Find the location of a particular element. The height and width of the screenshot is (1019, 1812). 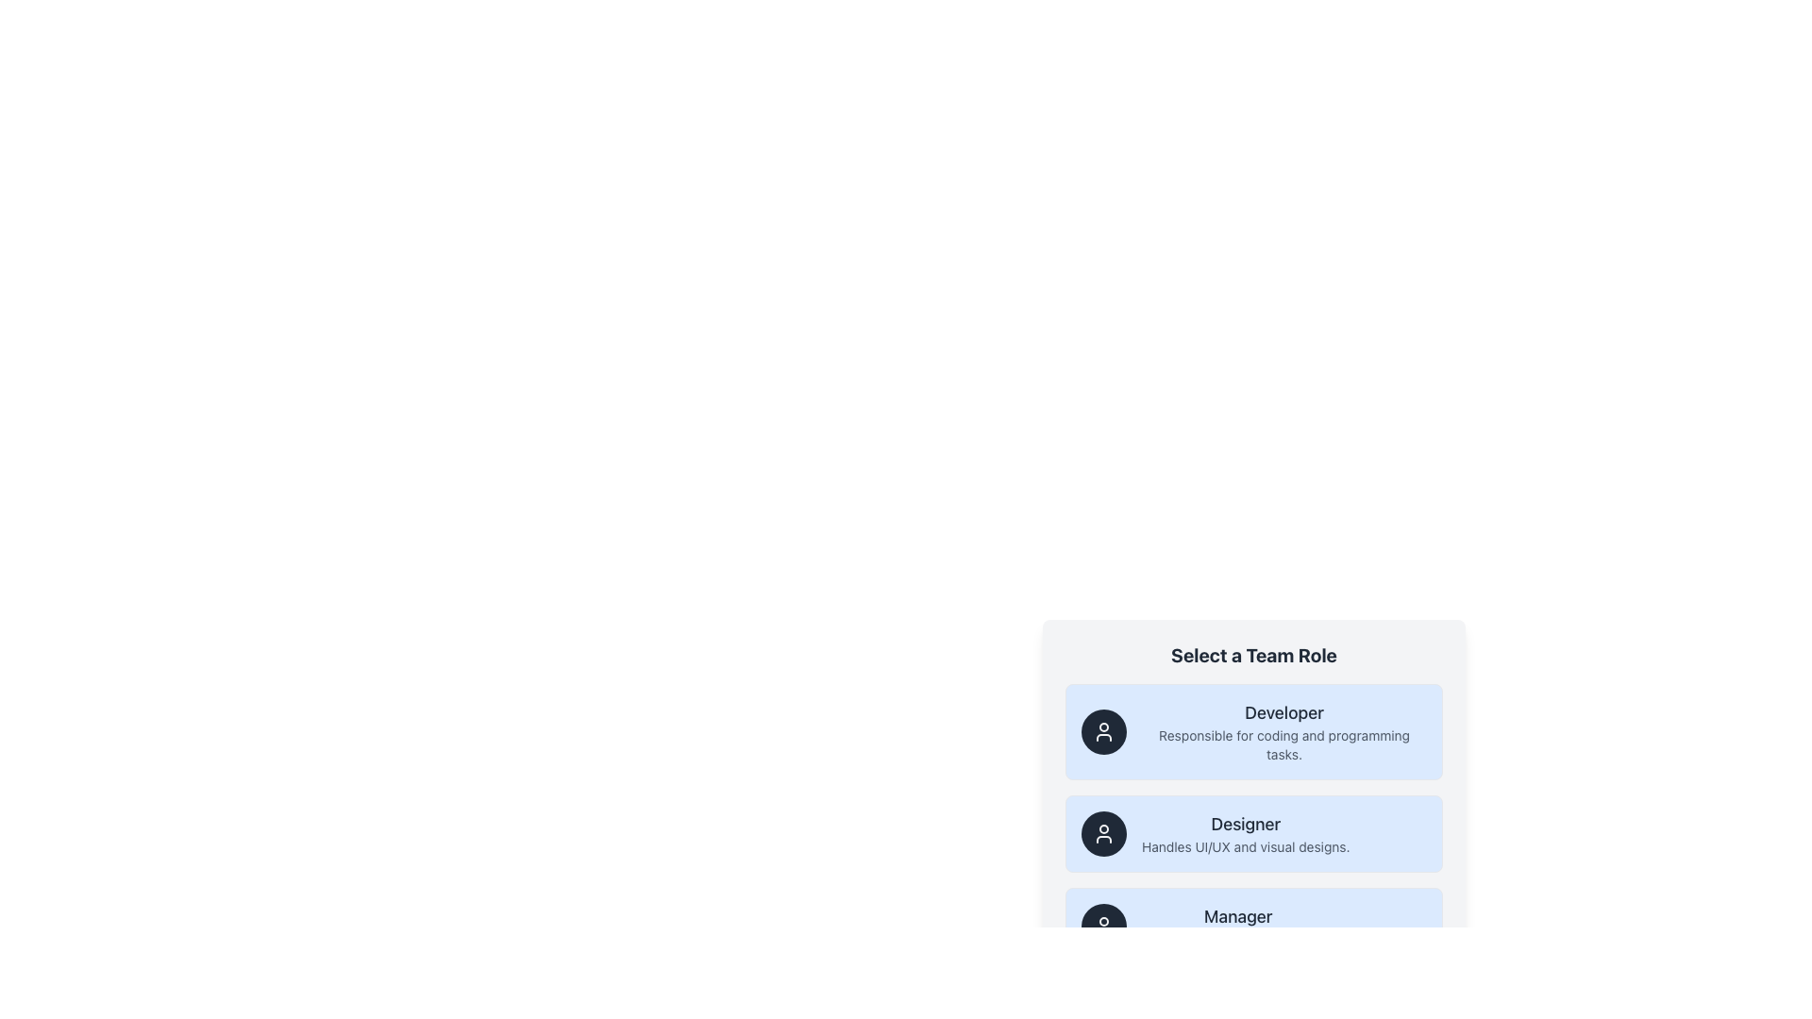

the text label representing the role 'Designer', which is located in the second card from the top of a vertical list of similar cards is located at coordinates (1246, 824).